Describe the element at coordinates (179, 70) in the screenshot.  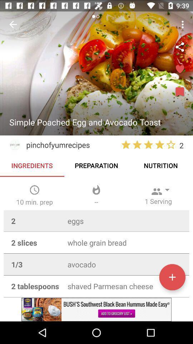
I see `the favorite icon` at that location.